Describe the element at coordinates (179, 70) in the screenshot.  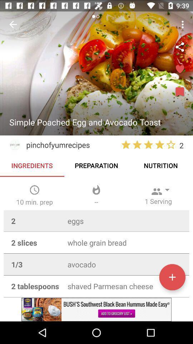
I see `the favorite icon` at that location.